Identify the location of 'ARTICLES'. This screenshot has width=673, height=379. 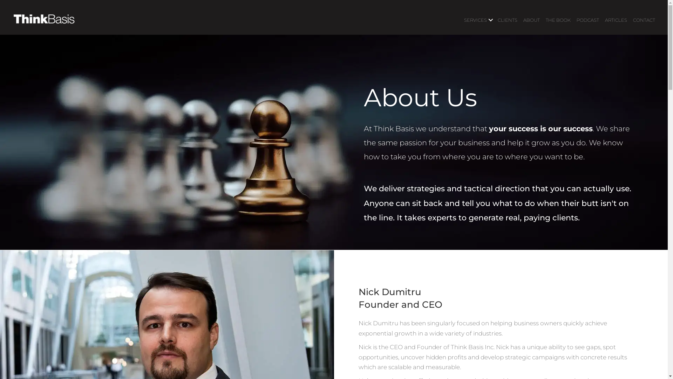
(616, 20).